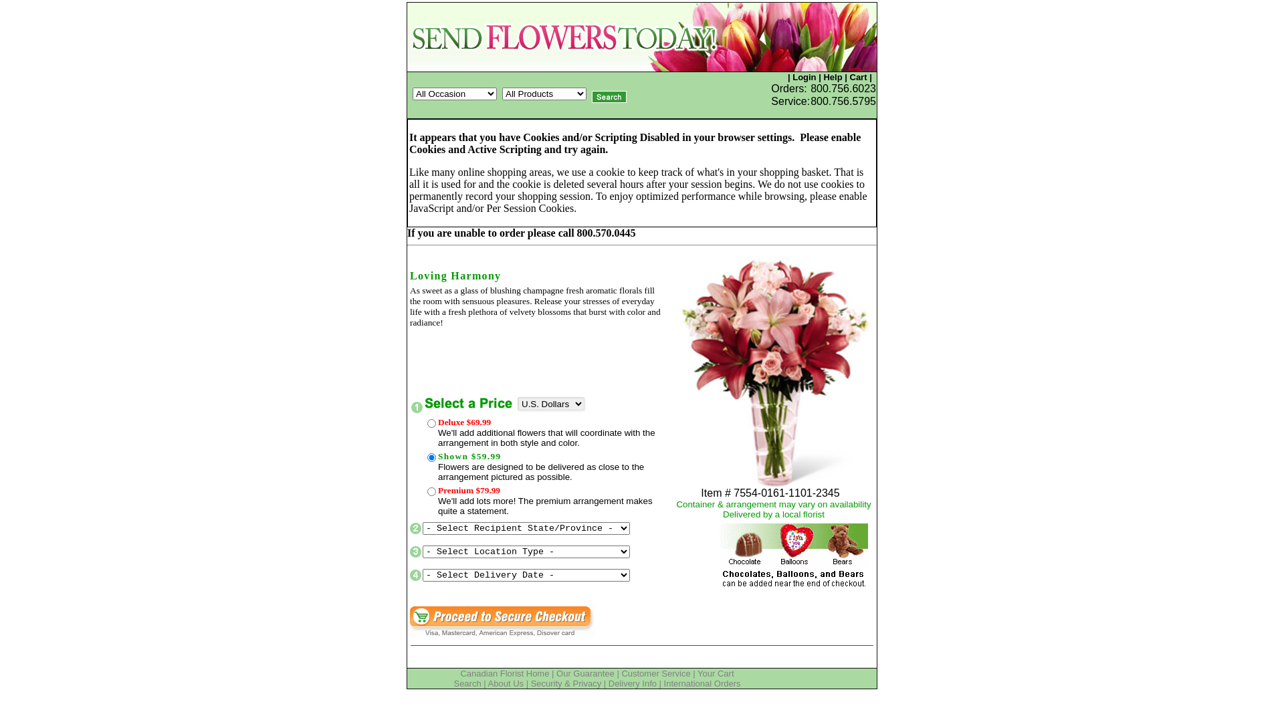  What do you see at coordinates (431, 423) in the screenshot?
I see `'102-7555-0-R'` at bounding box center [431, 423].